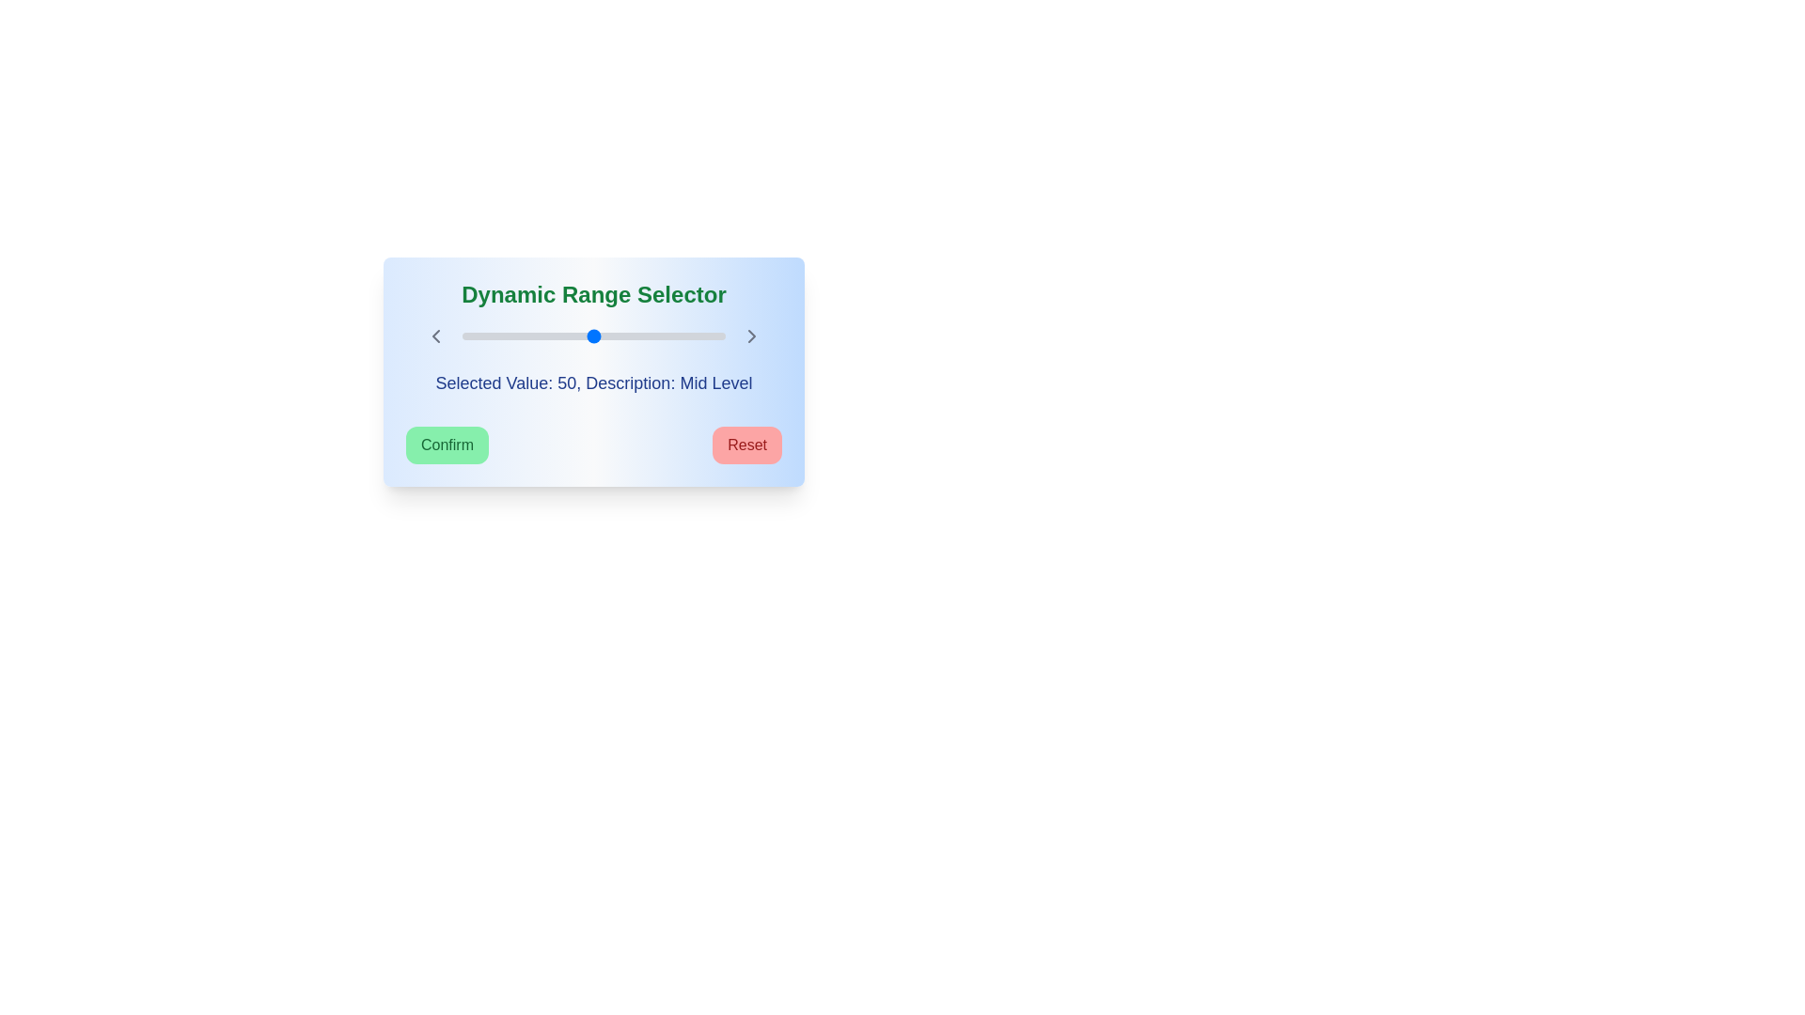  I want to click on the slider, so click(680, 336).